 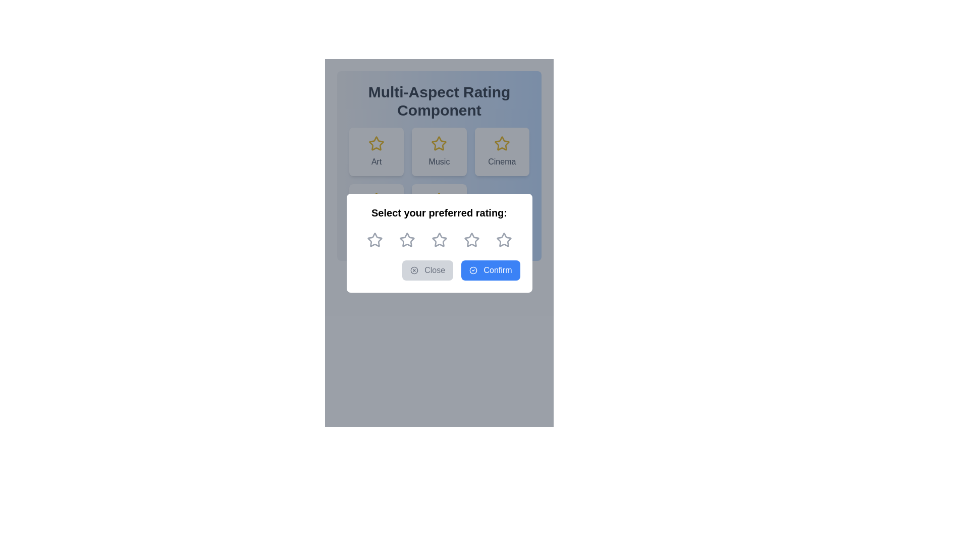 I want to click on the middle star icon in the star rating representation with a gray outline, positioned in the dialog box under 'Select your preferred rating.', so click(x=439, y=240).